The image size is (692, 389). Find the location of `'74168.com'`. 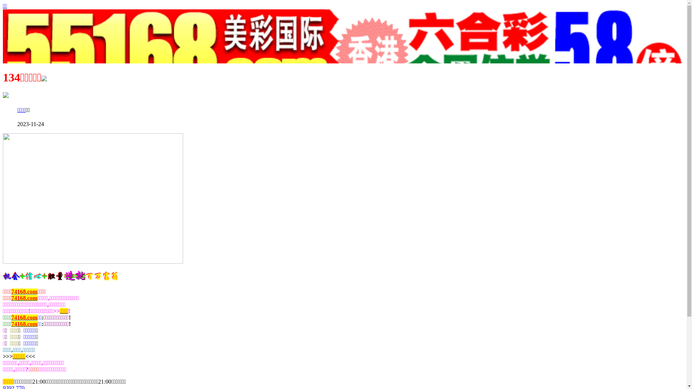

'74168.com' is located at coordinates (24, 291).